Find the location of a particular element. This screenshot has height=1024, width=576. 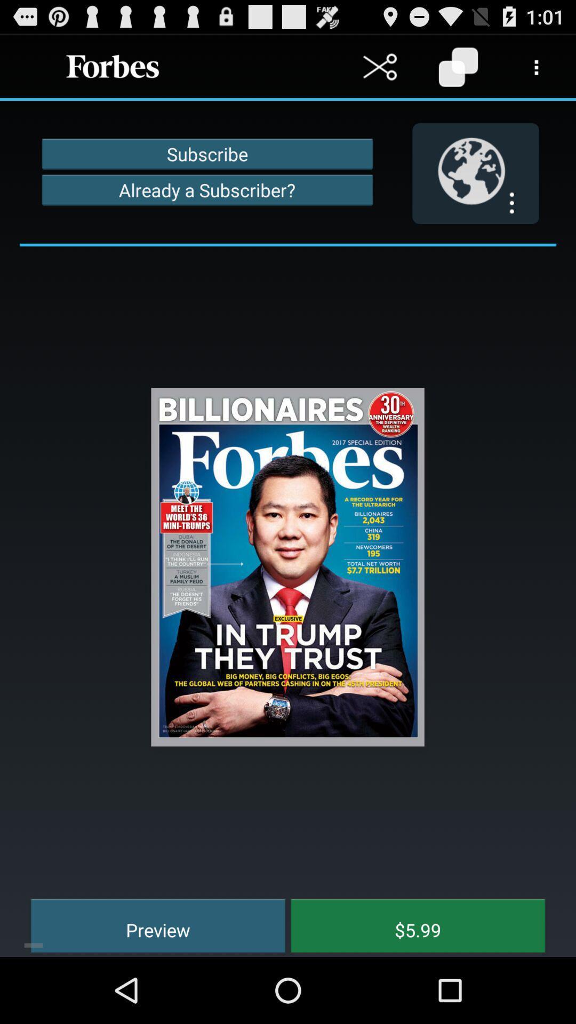

the item next to the preview icon is located at coordinates (410, 924).